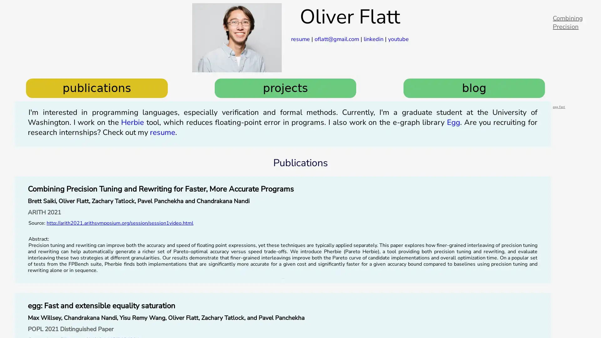 The width and height of the screenshot is (601, 338). Describe the element at coordinates (96, 88) in the screenshot. I see `publications` at that location.